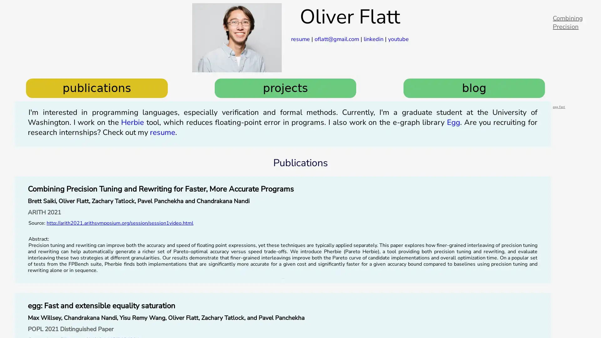 The width and height of the screenshot is (601, 338). Describe the element at coordinates (96, 88) in the screenshot. I see `publications` at that location.